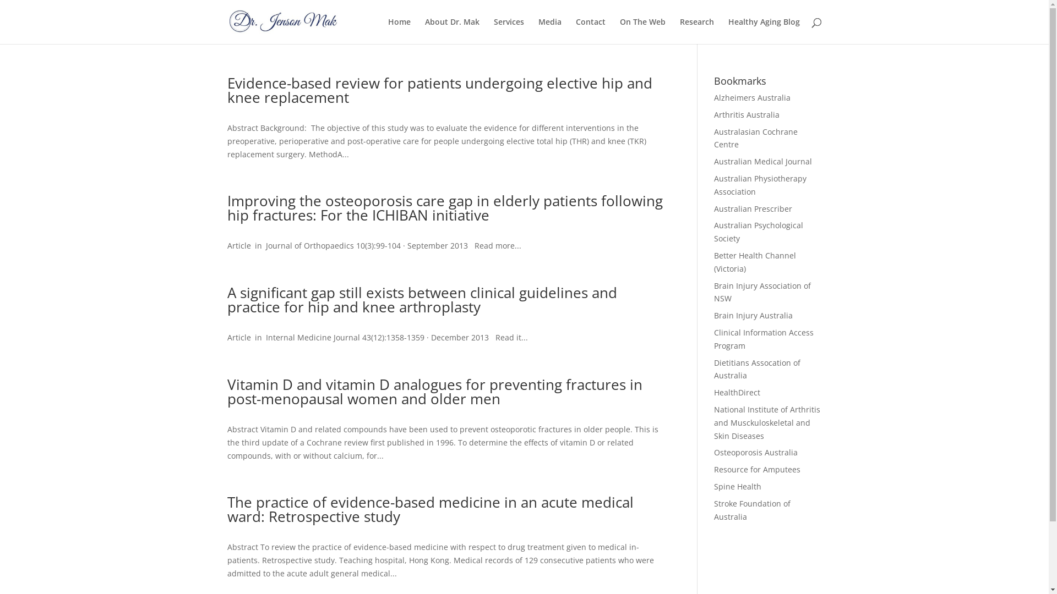 The image size is (1057, 594). What do you see at coordinates (642, 30) in the screenshot?
I see `'On The Web'` at bounding box center [642, 30].